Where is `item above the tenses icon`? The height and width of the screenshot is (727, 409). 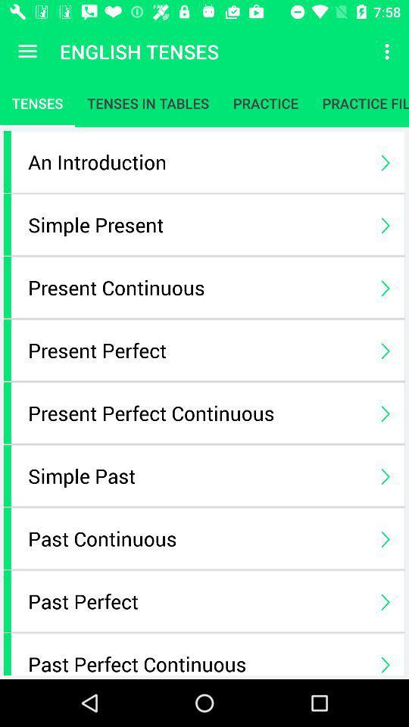
item above the tenses icon is located at coordinates (27, 51).